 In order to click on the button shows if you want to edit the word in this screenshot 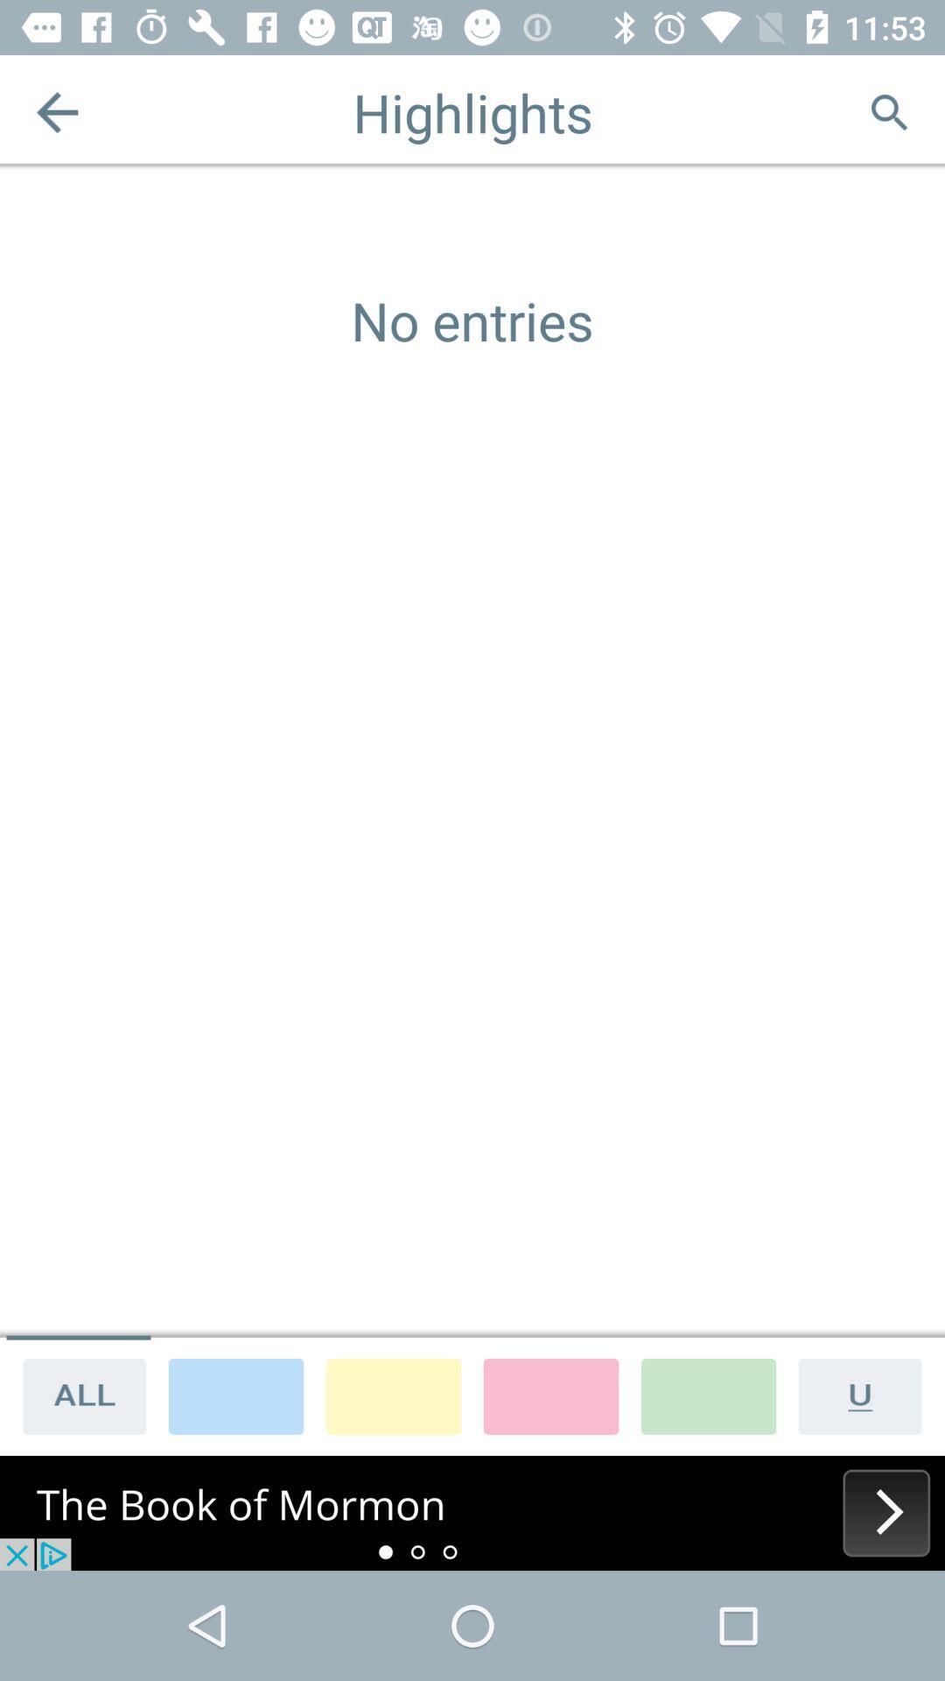, I will do `click(866, 1395)`.